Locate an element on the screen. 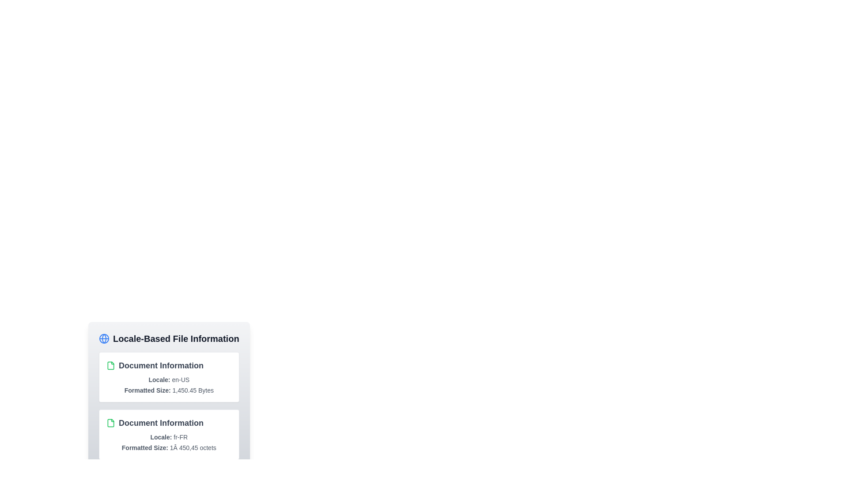 The height and width of the screenshot is (477, 848). the bold, large title text 'Locale-Based File Information' with a blue globe icon to its left, which is positioned at the top of a vertical sequence of document information sections is located at coordinates (169, 338).